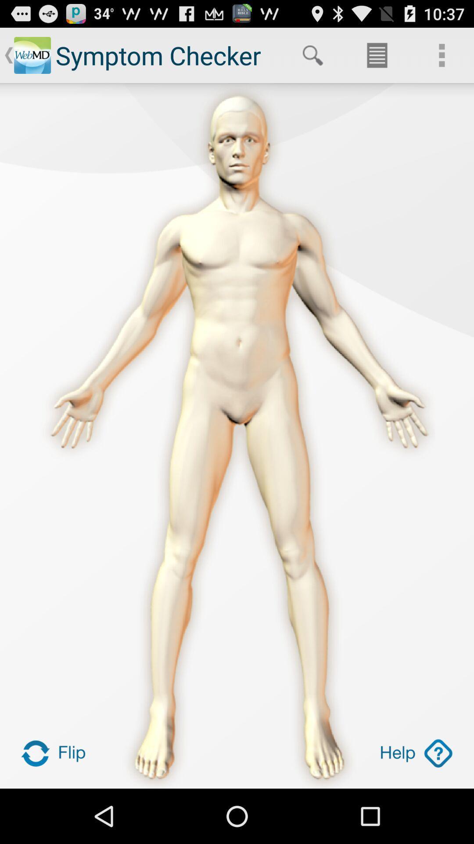 Image resolution: width=474 pixels, height=844 pixels. What do you see at coordinates (416, 753) in the screenshot?
I see `help button` at bounding box center [416, 753].